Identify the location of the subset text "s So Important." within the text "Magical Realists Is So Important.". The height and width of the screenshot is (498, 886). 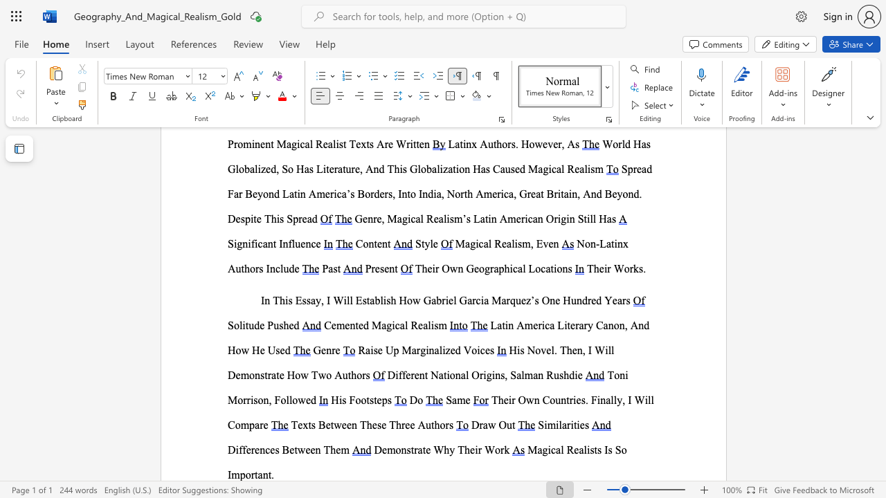
(608, 450).